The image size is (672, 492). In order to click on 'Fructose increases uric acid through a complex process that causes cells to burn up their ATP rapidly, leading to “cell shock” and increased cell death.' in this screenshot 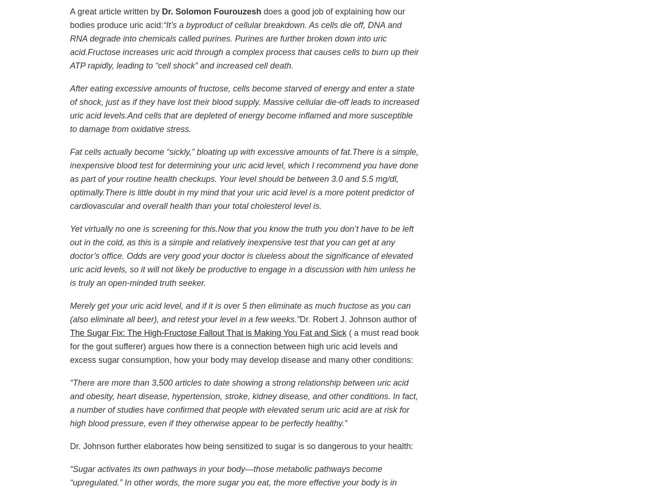, I will do `click(244, 59)`.